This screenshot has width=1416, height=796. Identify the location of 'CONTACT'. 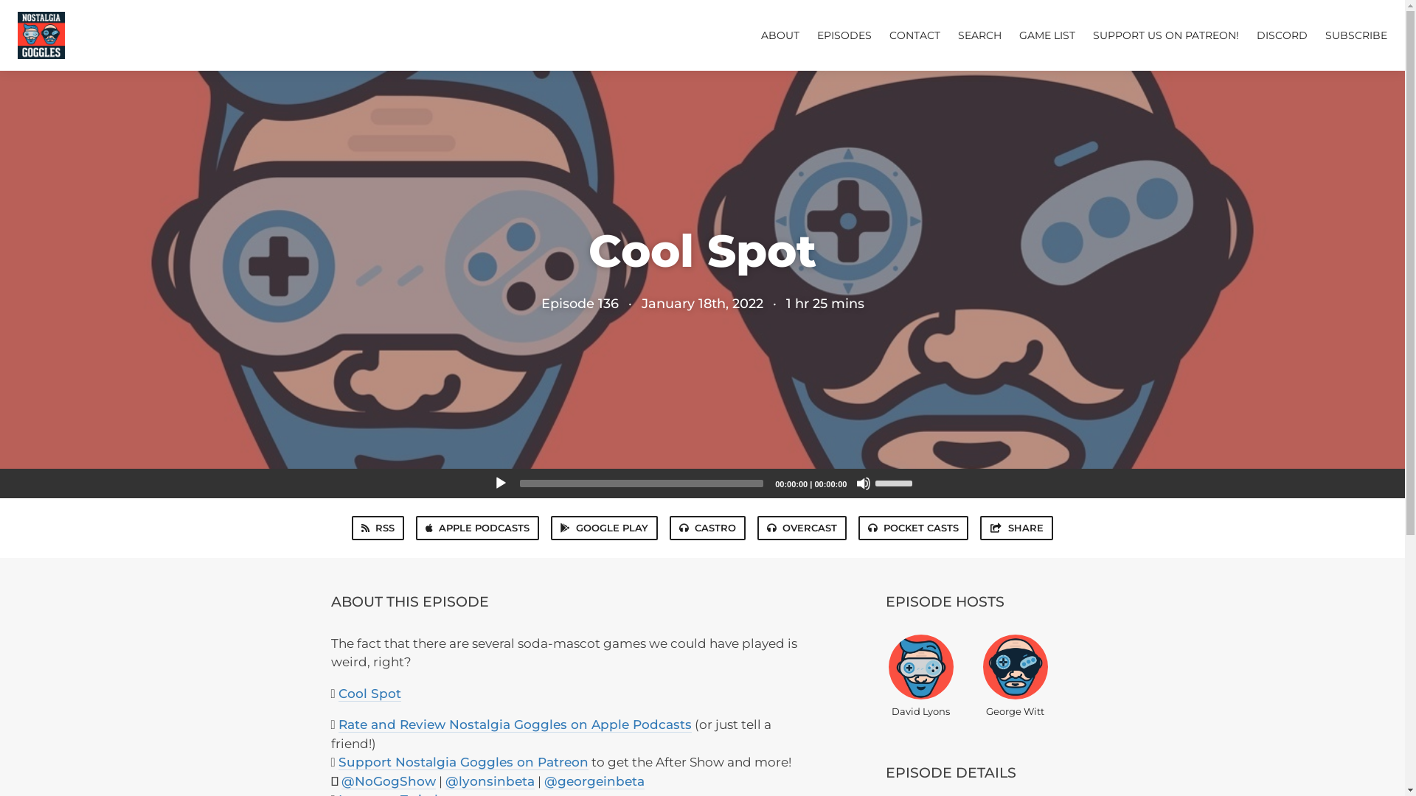
(914, 34).